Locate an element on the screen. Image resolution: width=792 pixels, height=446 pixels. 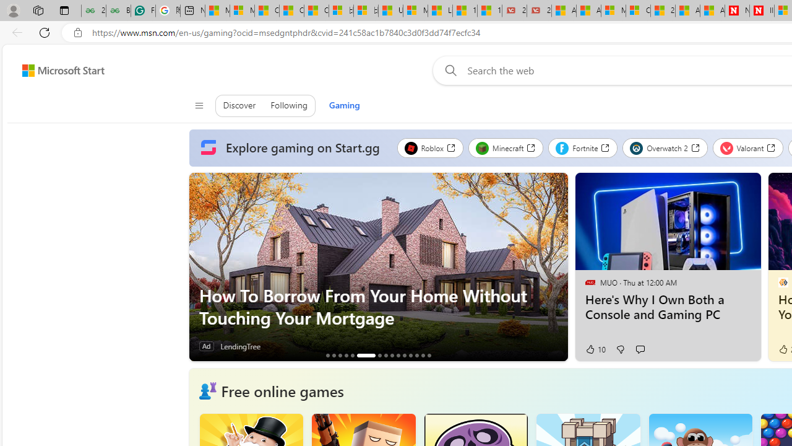
'Cloud Computing Services | Microsoft Azure' is located at coordinates (638, 11).